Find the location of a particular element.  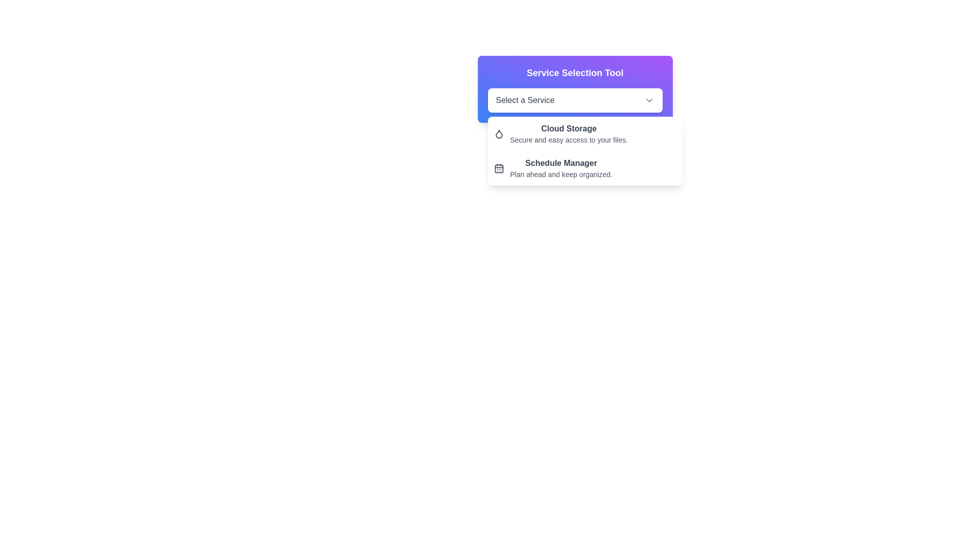

text label 'Cloud Storage' that serves as a title for a service description in the service selection tool interface is located at coordinates (569, 128).